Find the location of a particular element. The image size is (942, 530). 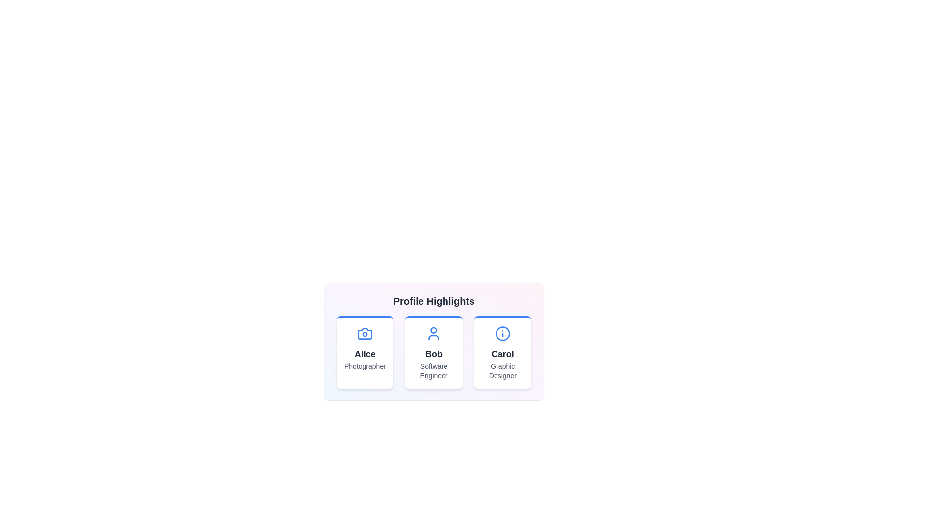

the profile card of Alice to preview additional information is located at coordinates (365, 351).